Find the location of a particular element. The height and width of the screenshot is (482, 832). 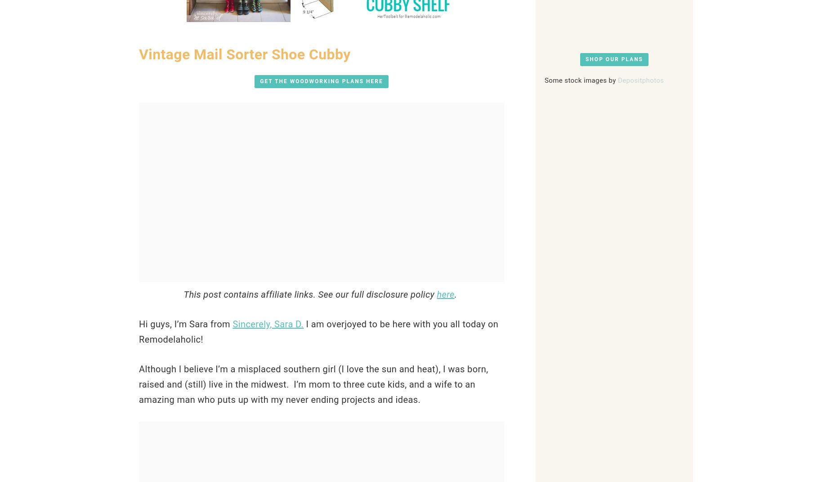

'Some stock images by' is located at coordinates (544, 79).